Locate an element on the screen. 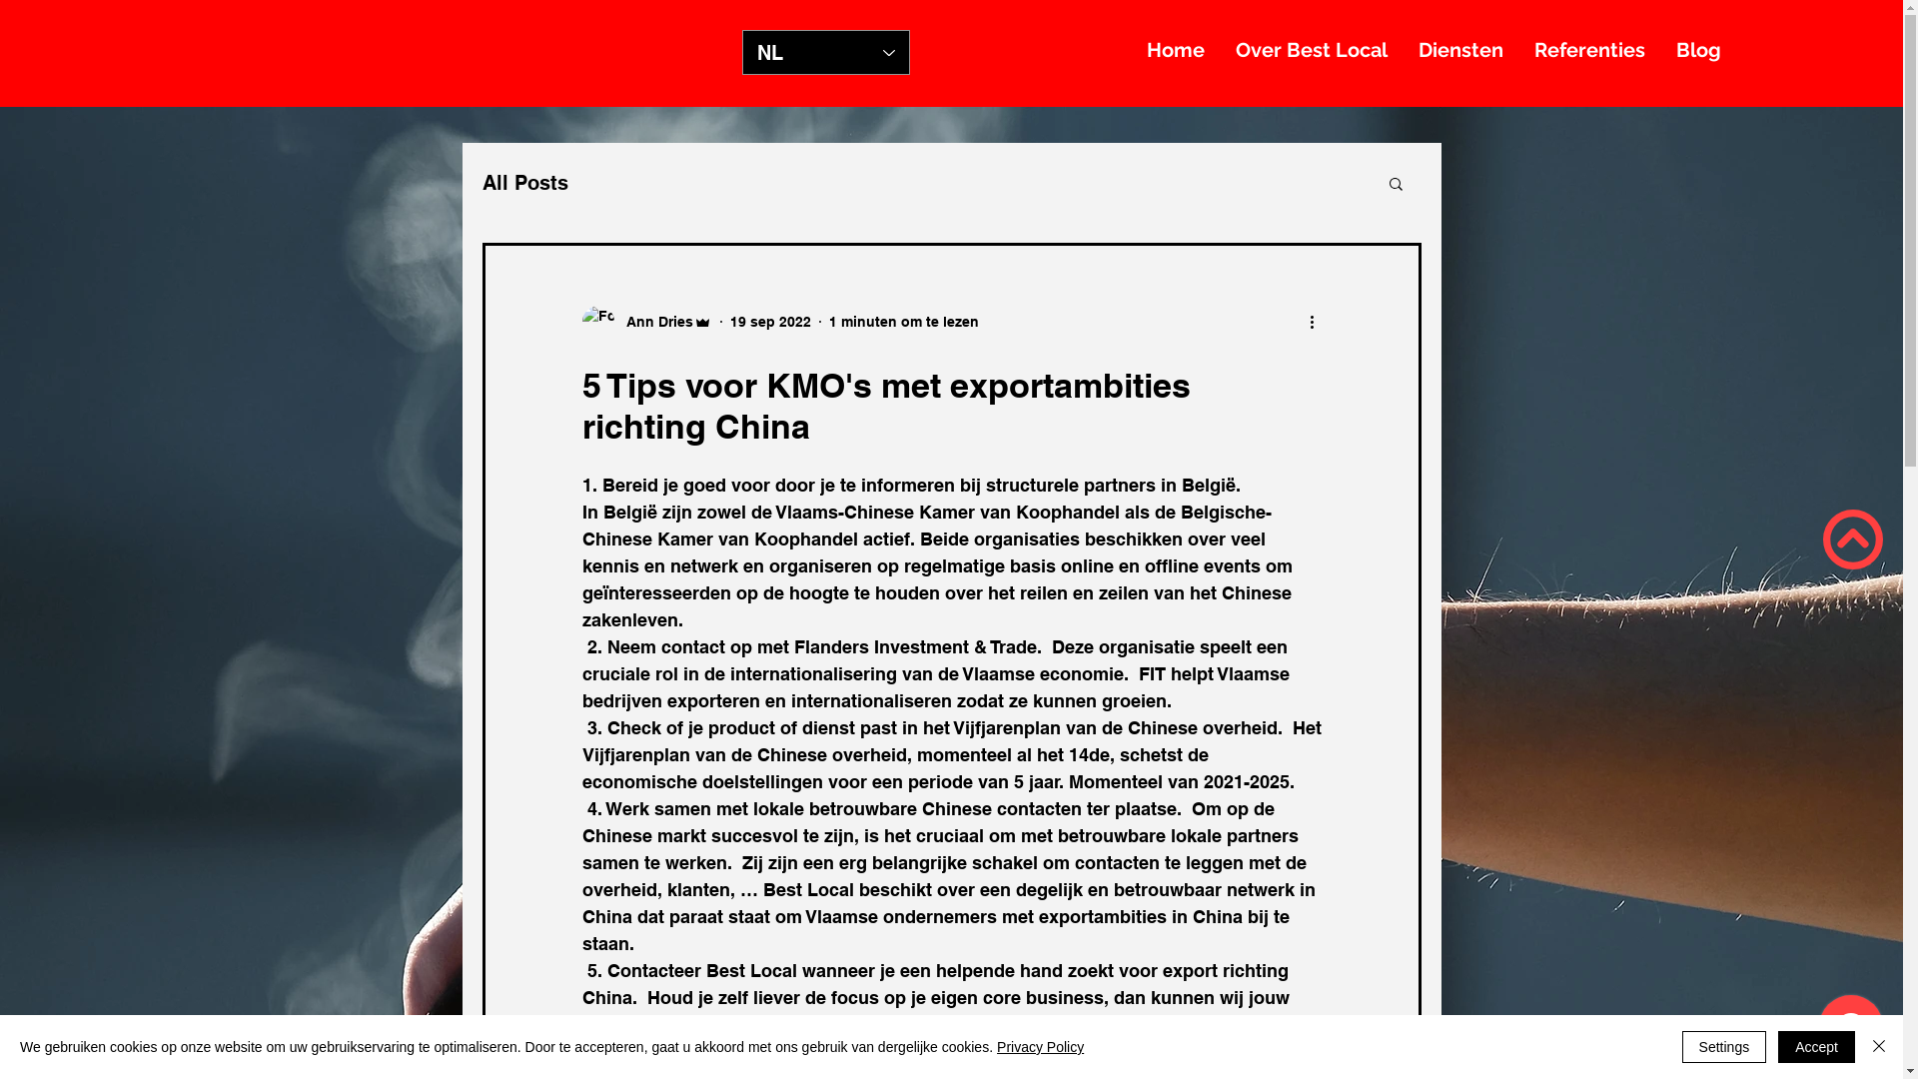  'Settings' is located at coordinates (1723, 1046).